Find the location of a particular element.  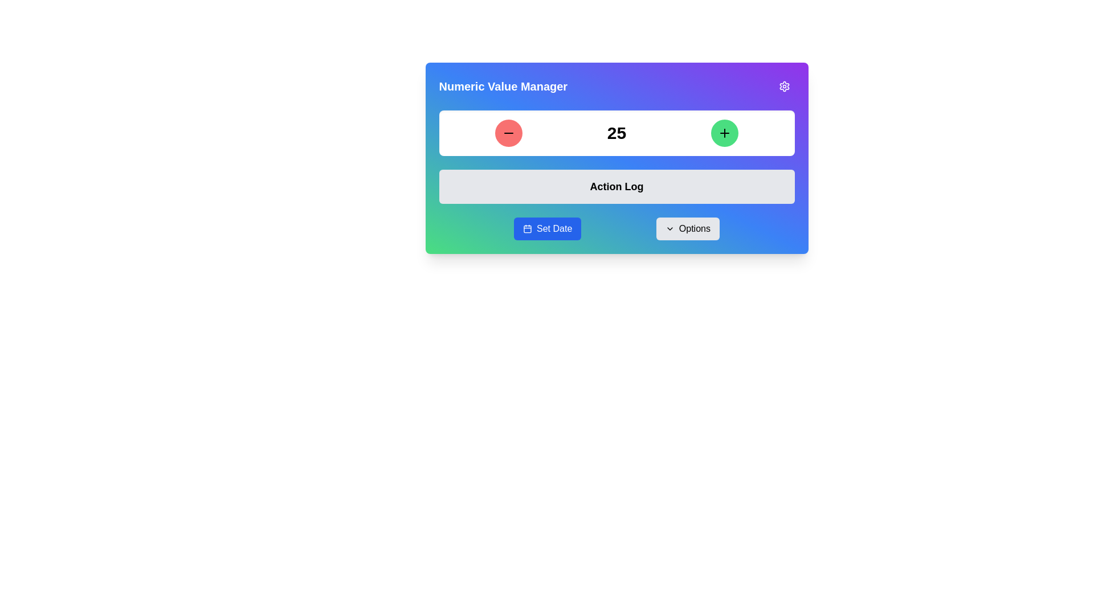

the decrement button located to the left of the numeric display ('25'), which is the leftmost element in the row of buttons is located at coordinates (508, 133).